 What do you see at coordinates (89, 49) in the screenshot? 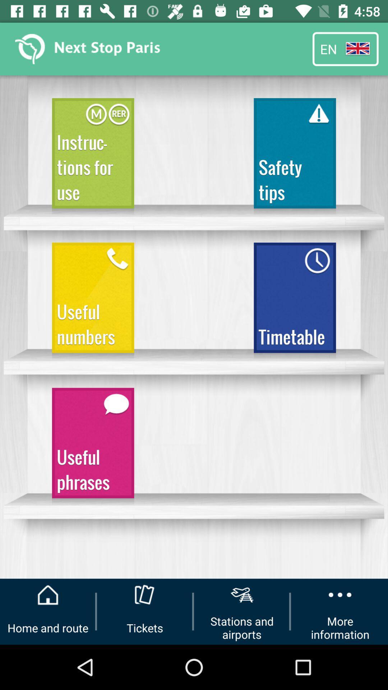
I see `the title of the page` at bounding box center [89, 49].